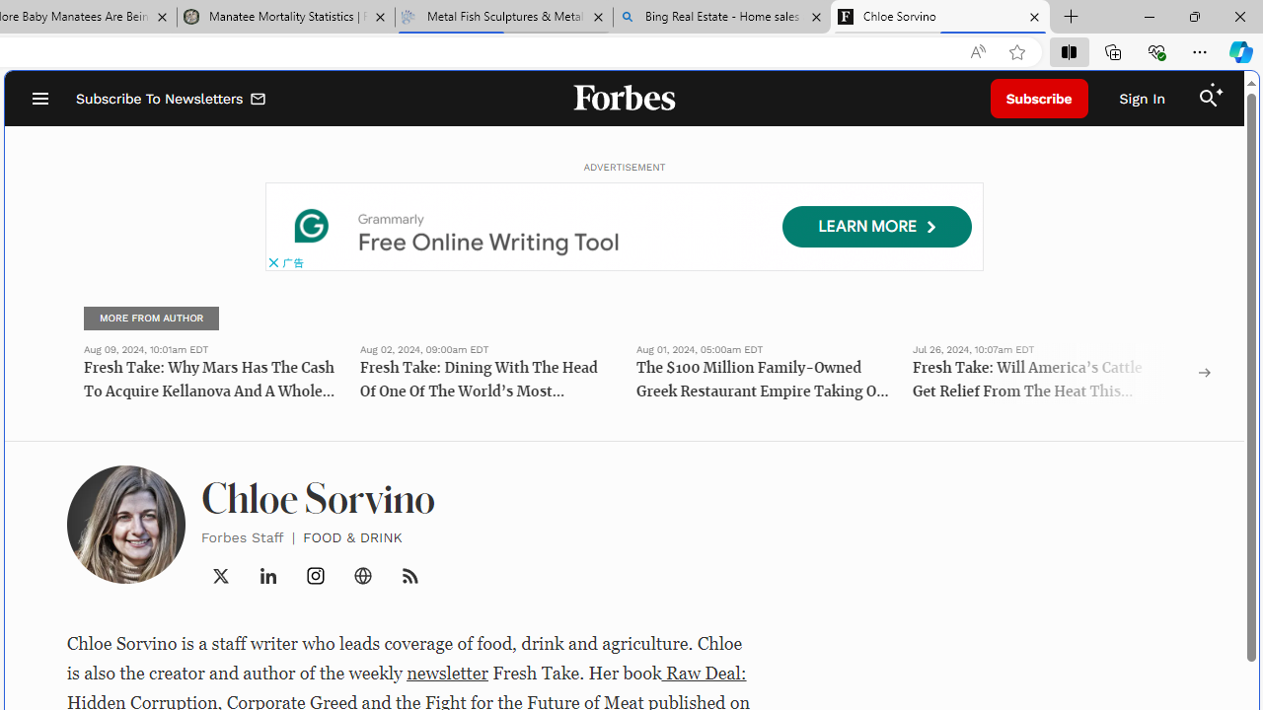 The width and height of the screenshot is (1263, 710). What do you see at coordinates (1207, 99) in the screenshot?
I see `'Class: search_svg__fs-icon search_svg__fs-icon--search'` at bounding box center [1207, 99].